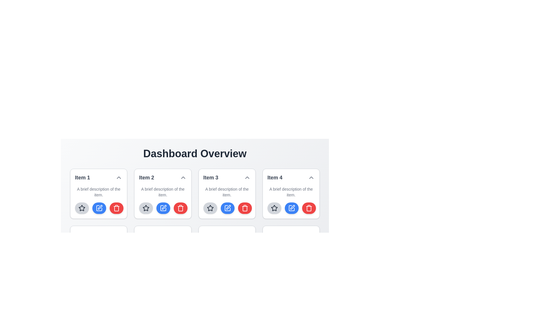 This screenshot has width=554, height=311. What do you see at coordinates (291, 265) in the screenshot?
I see `the edit button` at bounding box center [291, 265].